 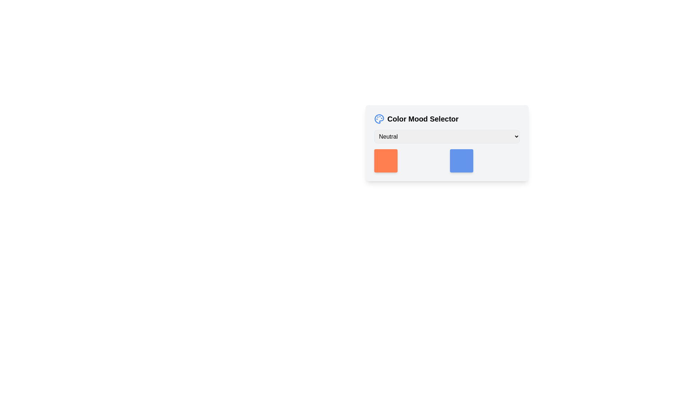 What do you see at coordinates (379, 119) in the screenshot?
I see `the base of the palette icon, which is part of the 'Color Mood Selector' section on the left, to interact with the color selection UI` at bounding box center [379, 119].